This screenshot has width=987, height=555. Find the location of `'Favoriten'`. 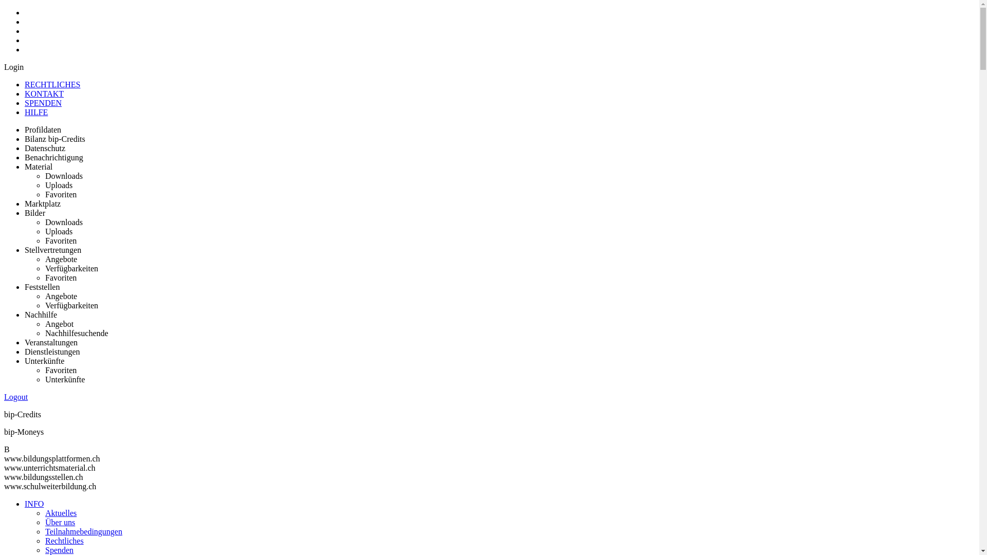

'Favoriten' is located at coordinates (60, 194).